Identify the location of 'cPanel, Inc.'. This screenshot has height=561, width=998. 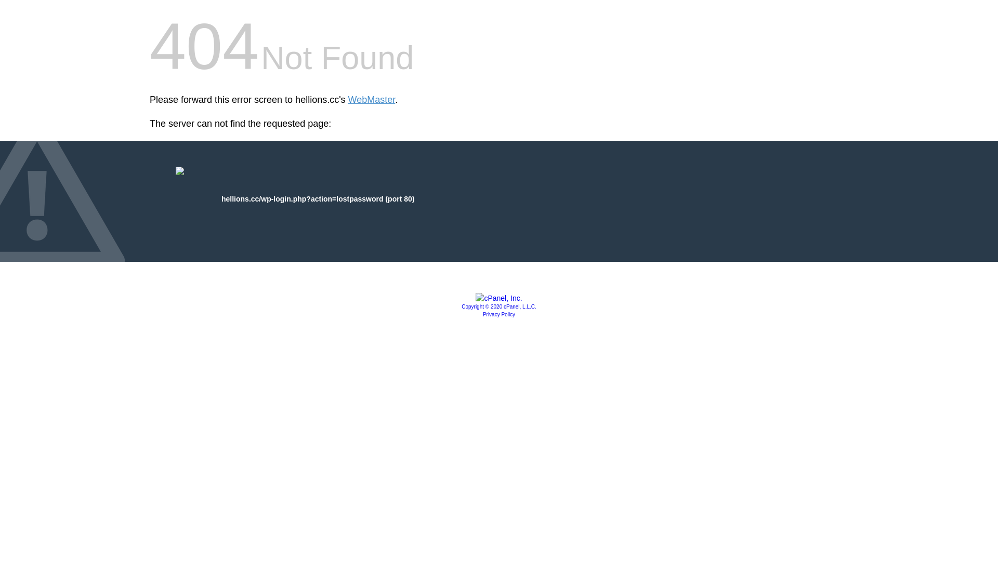
(498, 298).